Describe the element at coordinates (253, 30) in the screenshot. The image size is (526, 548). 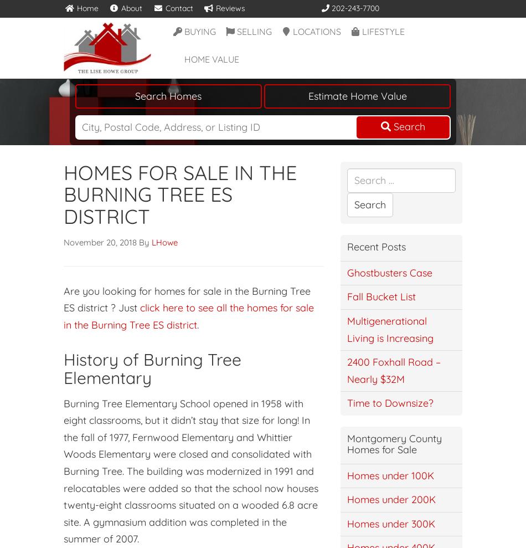
I see `'Selling'` at that location.